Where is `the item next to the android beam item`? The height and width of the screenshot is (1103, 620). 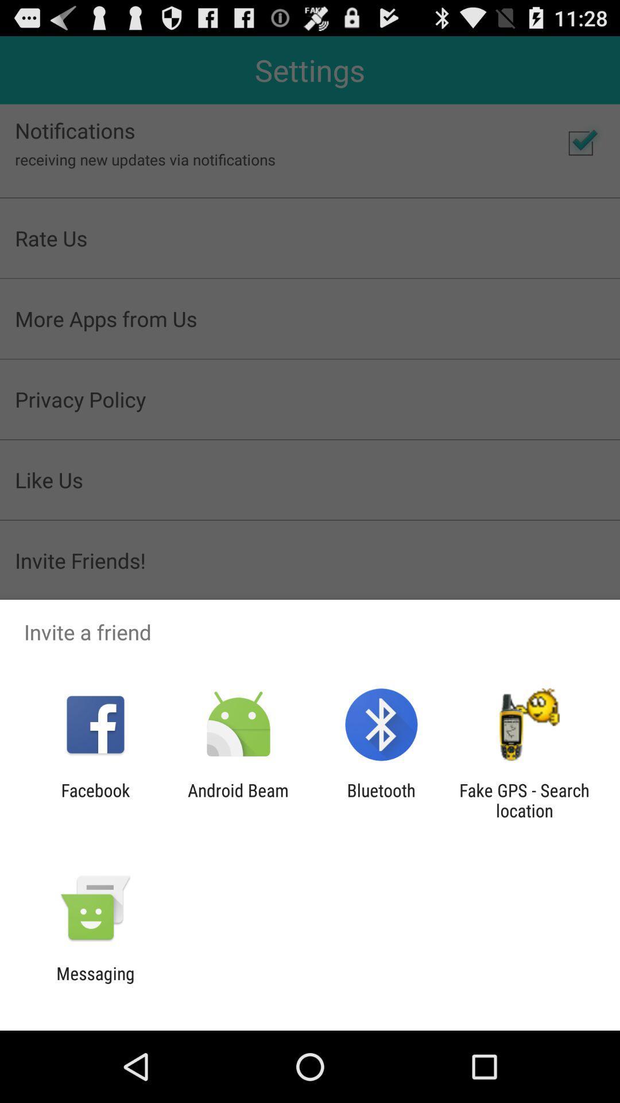
the item next to the android beam item is located at coordinates (381, 800).